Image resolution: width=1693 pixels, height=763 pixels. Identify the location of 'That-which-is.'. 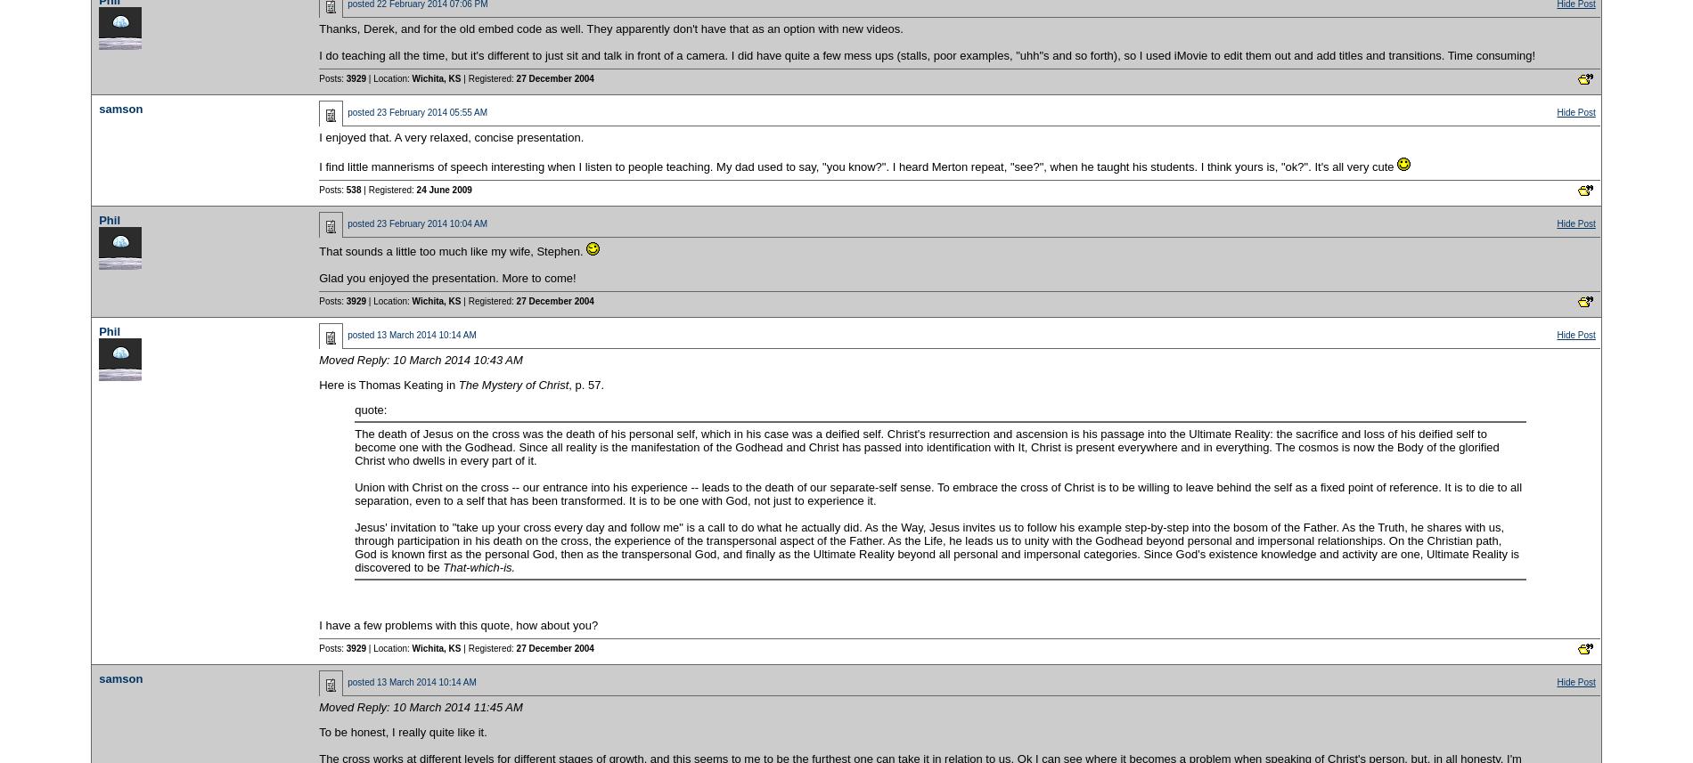
(443, 566).